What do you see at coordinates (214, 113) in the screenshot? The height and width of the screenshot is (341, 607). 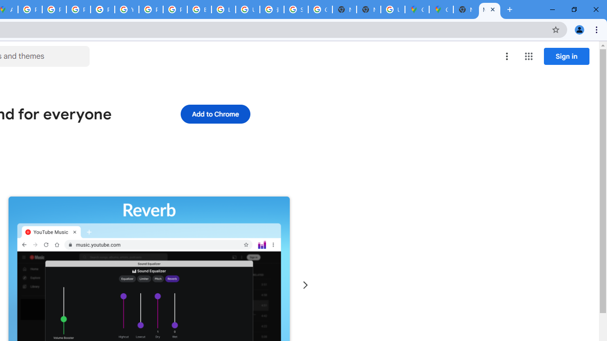 I see `'Add to Chrome'` at bounding box center [214, 113].